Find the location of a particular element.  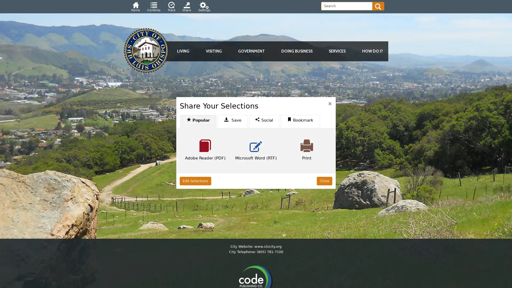

Edit Selections is located at coordinates (195, 181).